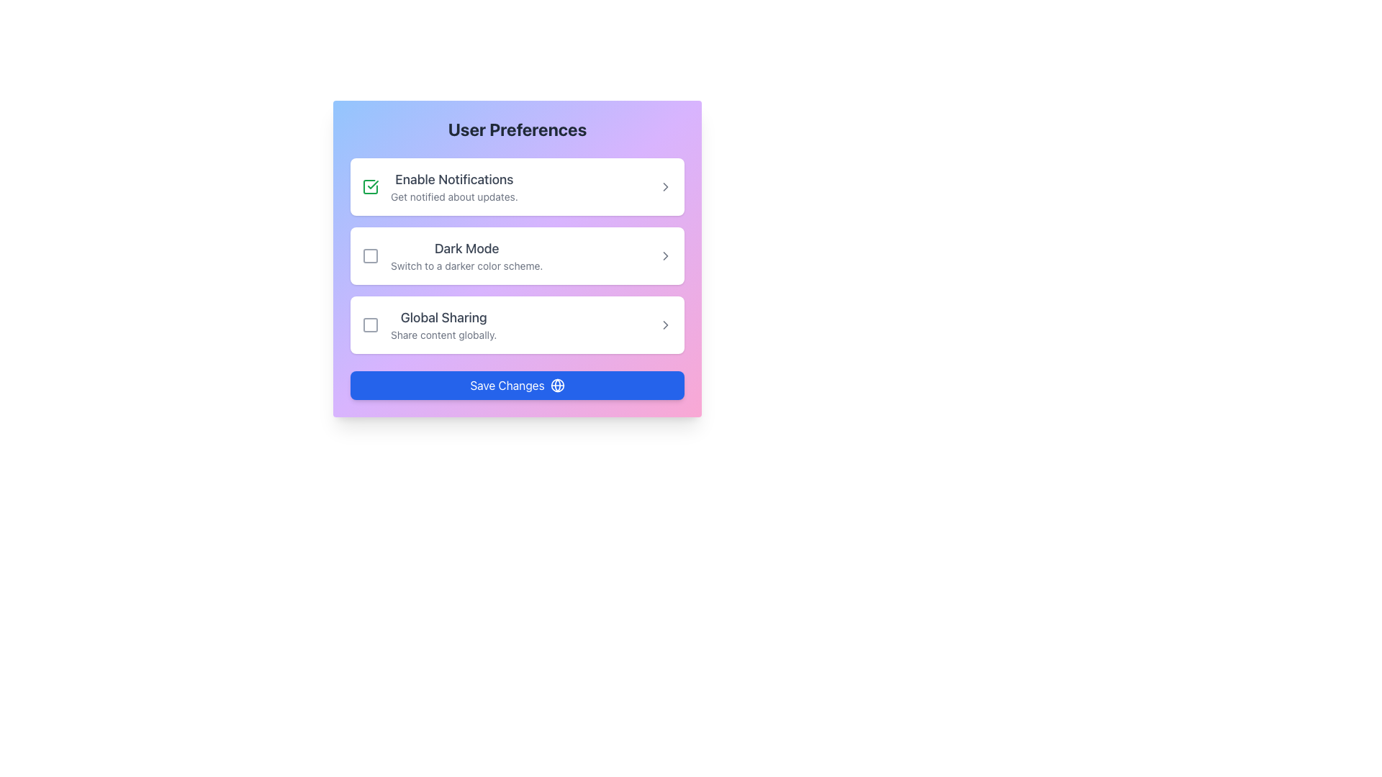 The width and height of the screenshot is (1382, 777). What do you see at coordinates (518, 324) in the screenshot?
I see `the checkbox in the 'Global Sharing' preference setting item` at bounding box center [518, 324].